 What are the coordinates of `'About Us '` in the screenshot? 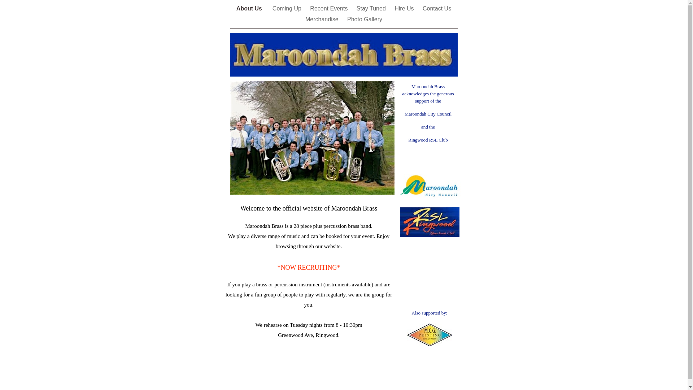 It's located at (251, 8).